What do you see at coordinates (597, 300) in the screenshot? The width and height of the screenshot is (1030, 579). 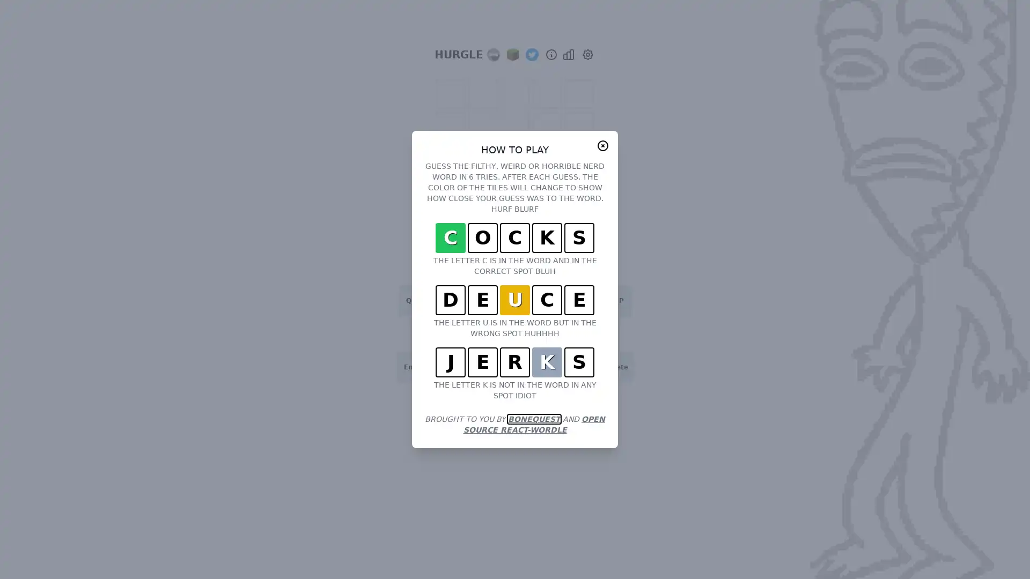 I see `O` at bounding box center [597, 300].